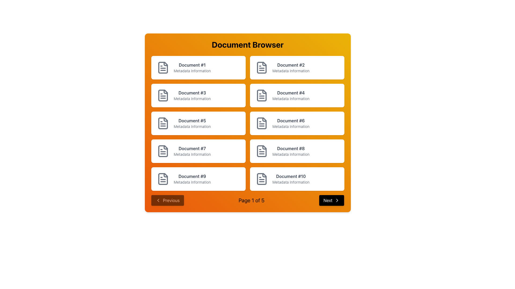  Describe the element at coordinates (163, 151) in the screenshot. I see `the document icon represented by an SVG graphic, which features a rectangular sheet with a folded corner and horizontal lines, located within the card labeled 'Document #7'` at that location.